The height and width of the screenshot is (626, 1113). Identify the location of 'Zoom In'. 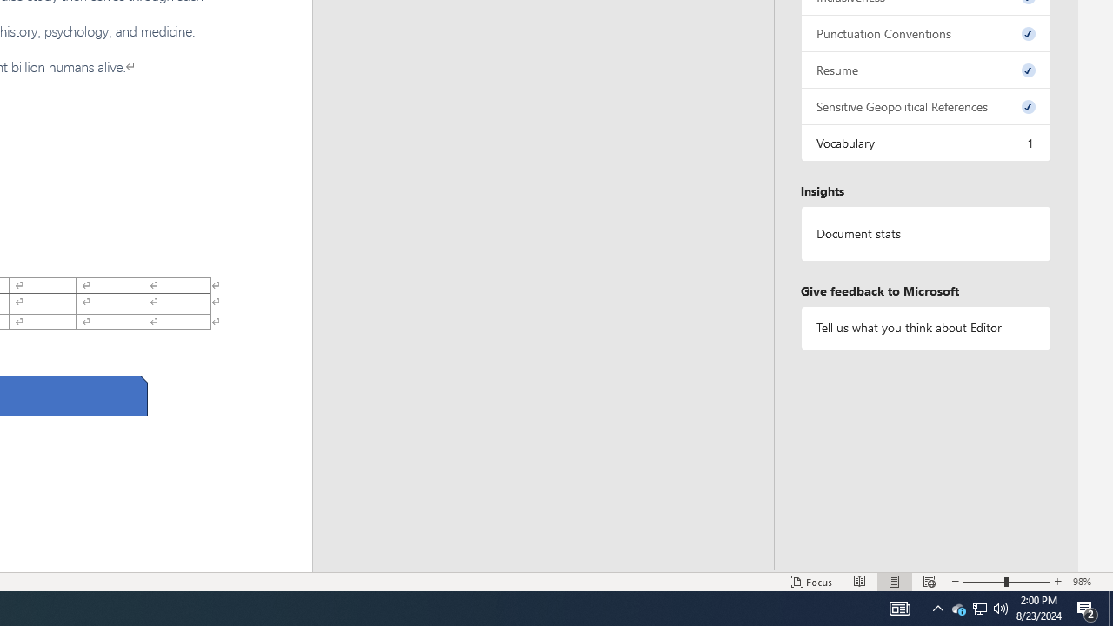
(1057, 582).